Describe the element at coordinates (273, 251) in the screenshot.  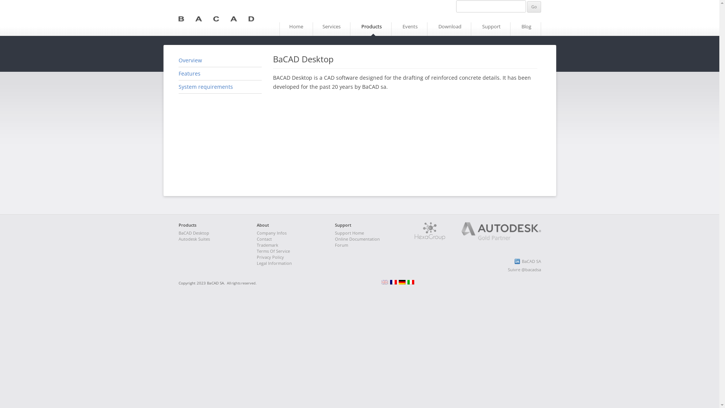
I see `'Terms Of Service'` at that location.